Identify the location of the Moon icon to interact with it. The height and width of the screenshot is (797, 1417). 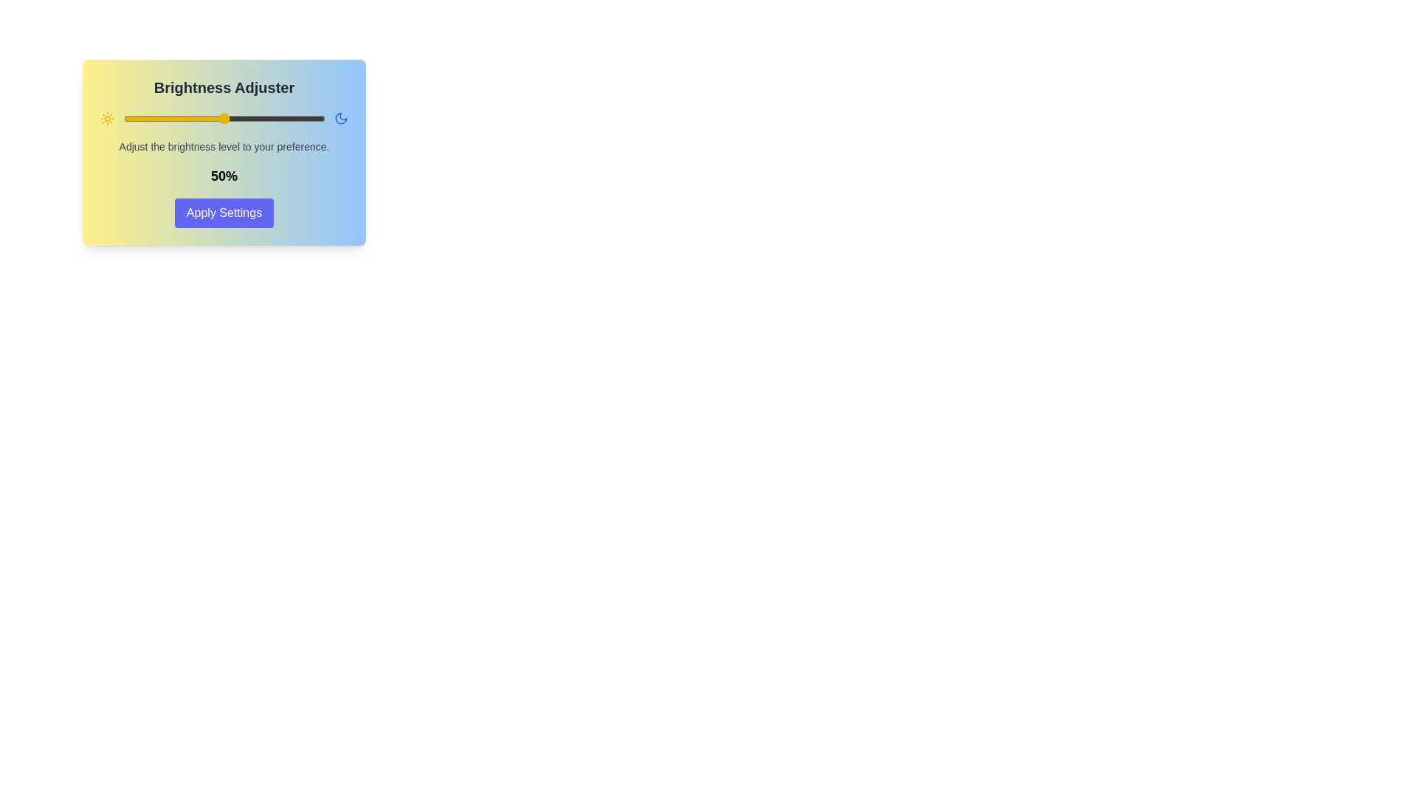
(340, 118).